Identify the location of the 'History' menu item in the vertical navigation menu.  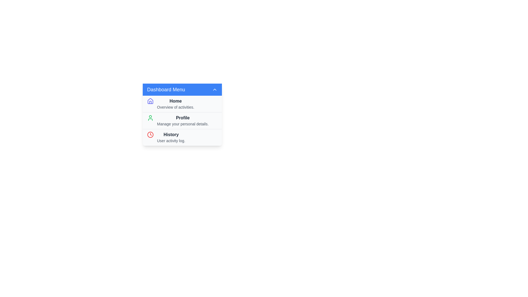
(182, 137).